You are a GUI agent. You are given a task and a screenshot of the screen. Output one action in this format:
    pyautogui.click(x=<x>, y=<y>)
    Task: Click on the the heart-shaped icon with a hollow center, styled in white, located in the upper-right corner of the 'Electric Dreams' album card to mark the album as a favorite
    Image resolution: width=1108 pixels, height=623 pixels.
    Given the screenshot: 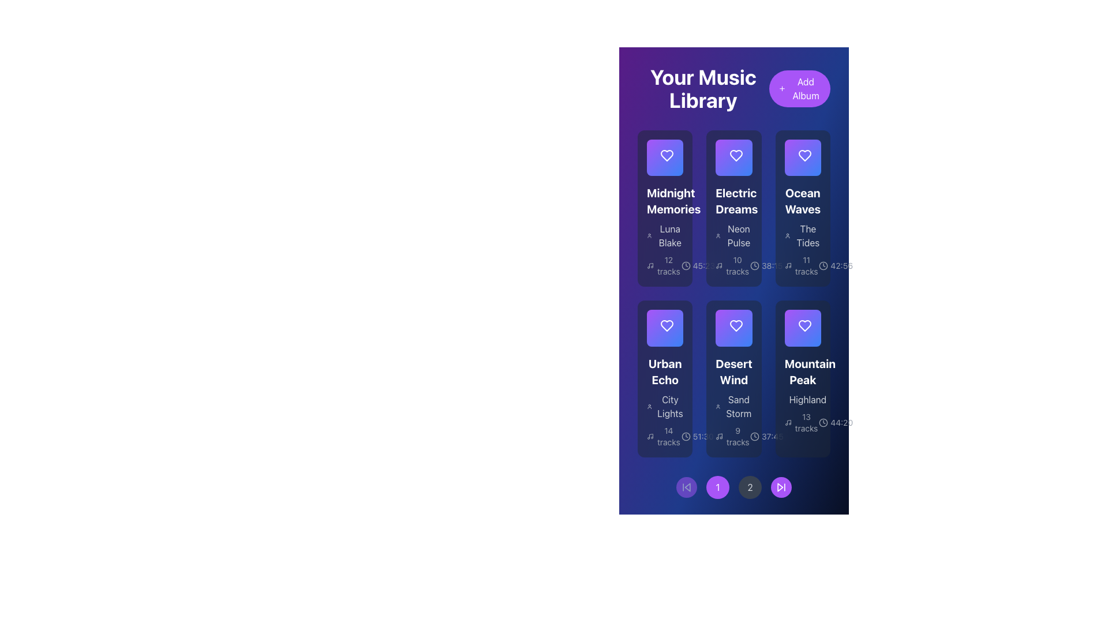 What is the action you would take?
    pyautogui.click(x=735, y=157)
    